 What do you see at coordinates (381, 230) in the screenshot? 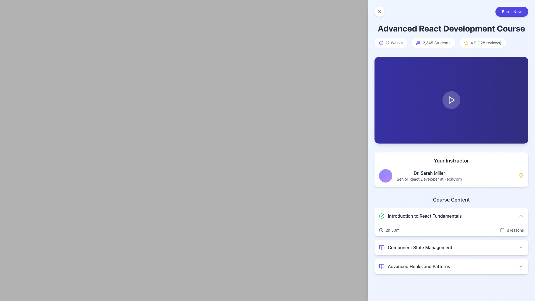
I see `the SVG circle element that represents the outer rim of a clock icon located centrally in the 'Your Instructor' section` at bounding box center [381, 230].